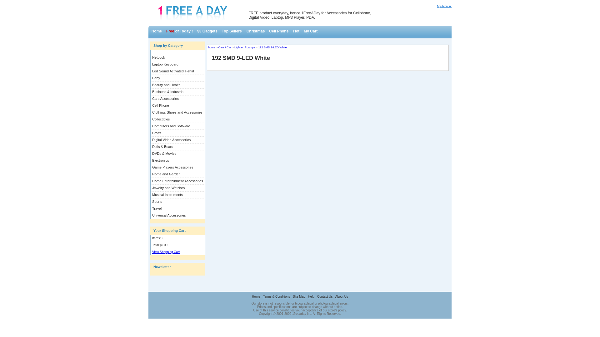  Describe the element at coordinates (178, 78) in the screenshot. I see `'Baby'` at that location.